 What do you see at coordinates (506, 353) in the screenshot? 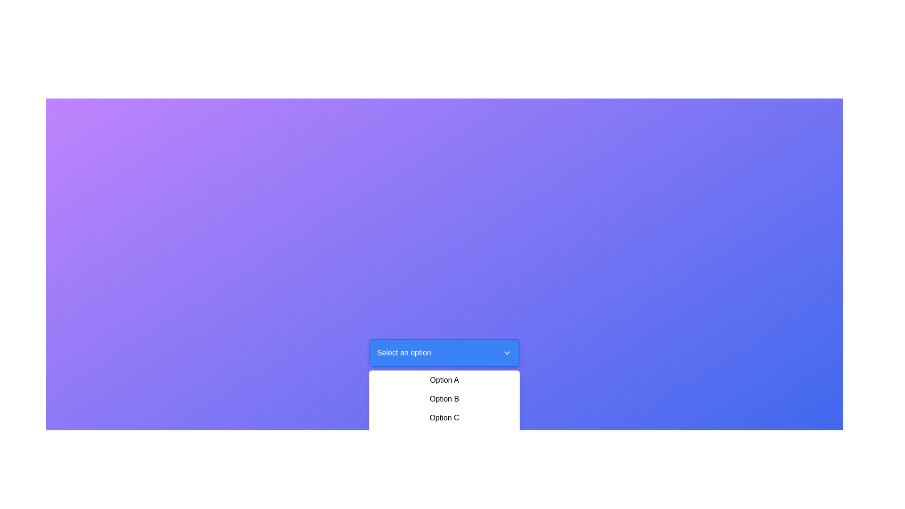
I see `the chevron icon located at the far right of the blue selection box labeled 'Select an option'` at bounding box center [506, 353].